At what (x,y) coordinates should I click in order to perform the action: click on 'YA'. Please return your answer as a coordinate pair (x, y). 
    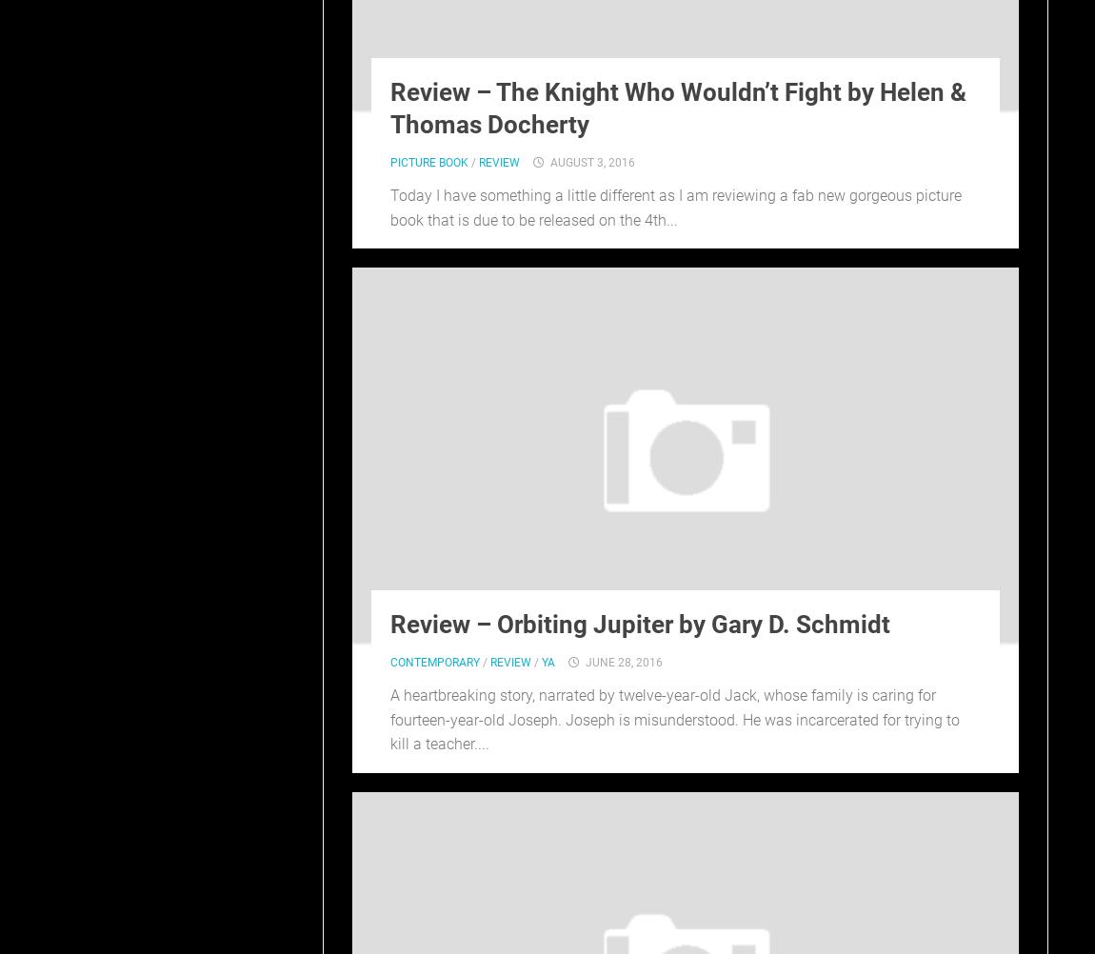
    Looking at the image, I should click on (547, 662).